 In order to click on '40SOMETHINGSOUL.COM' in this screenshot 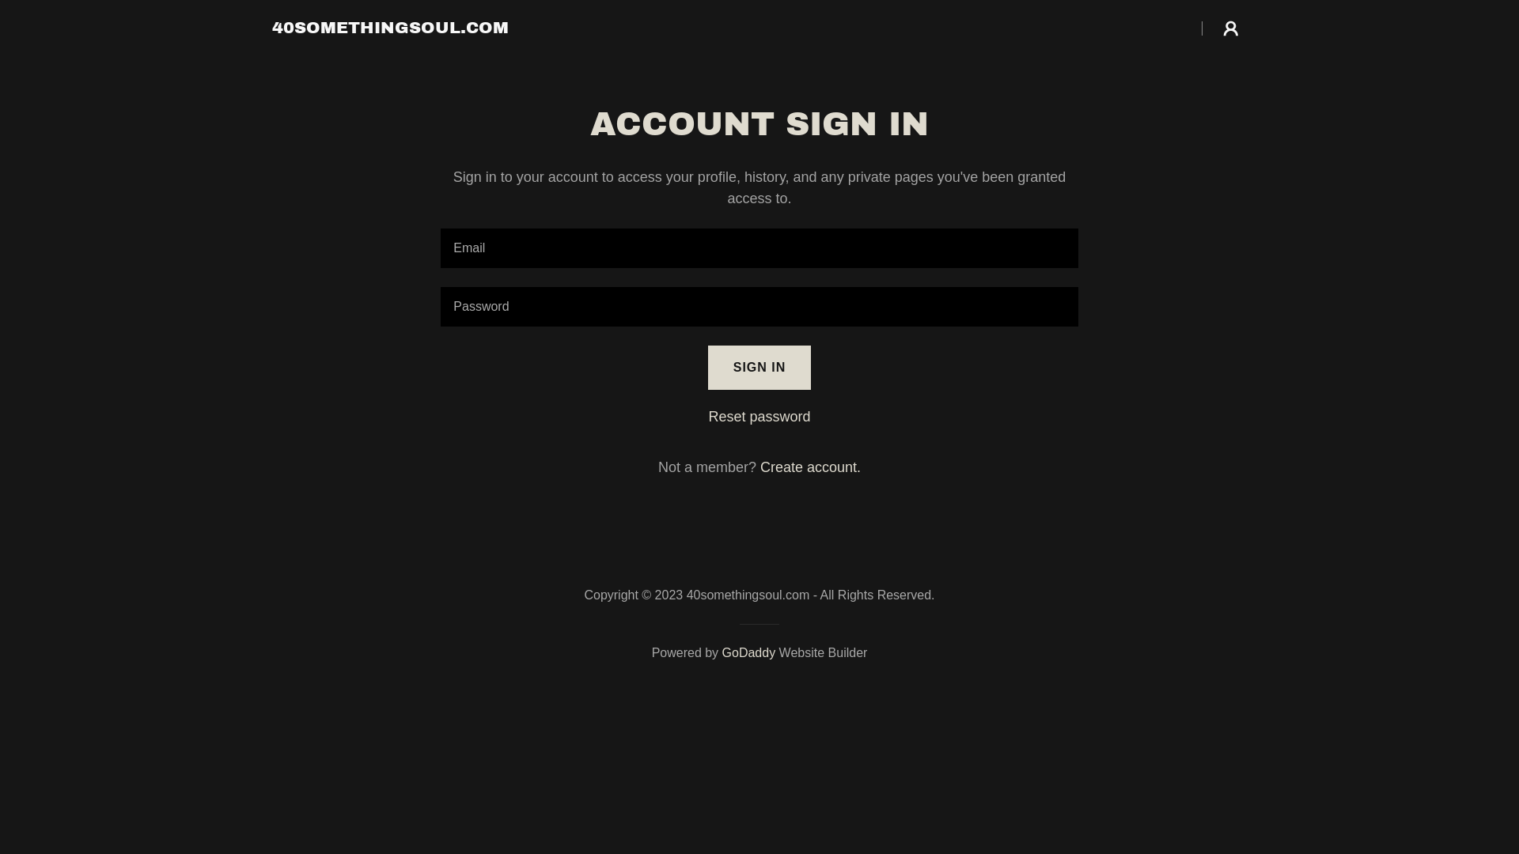, I will do `click(390, 28)`.